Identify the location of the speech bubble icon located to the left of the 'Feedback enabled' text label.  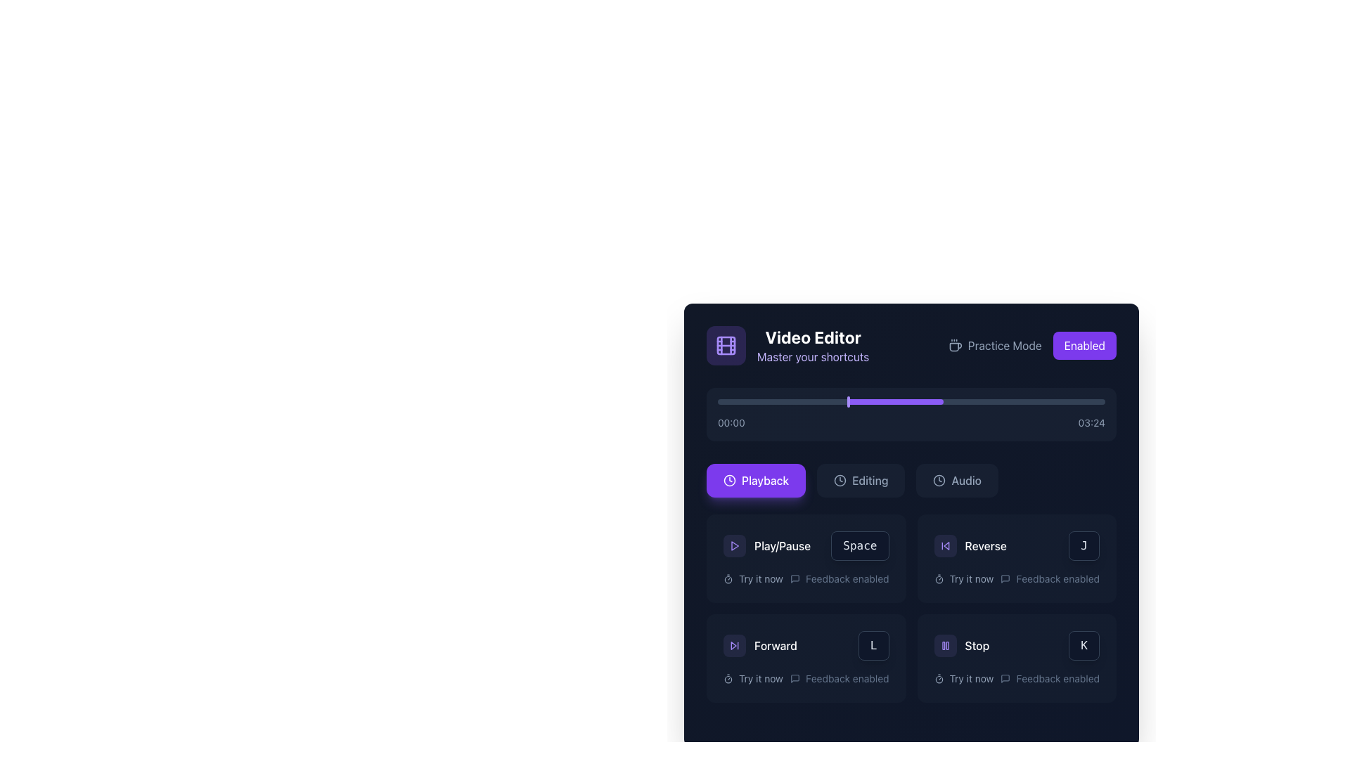
(1005, 677).